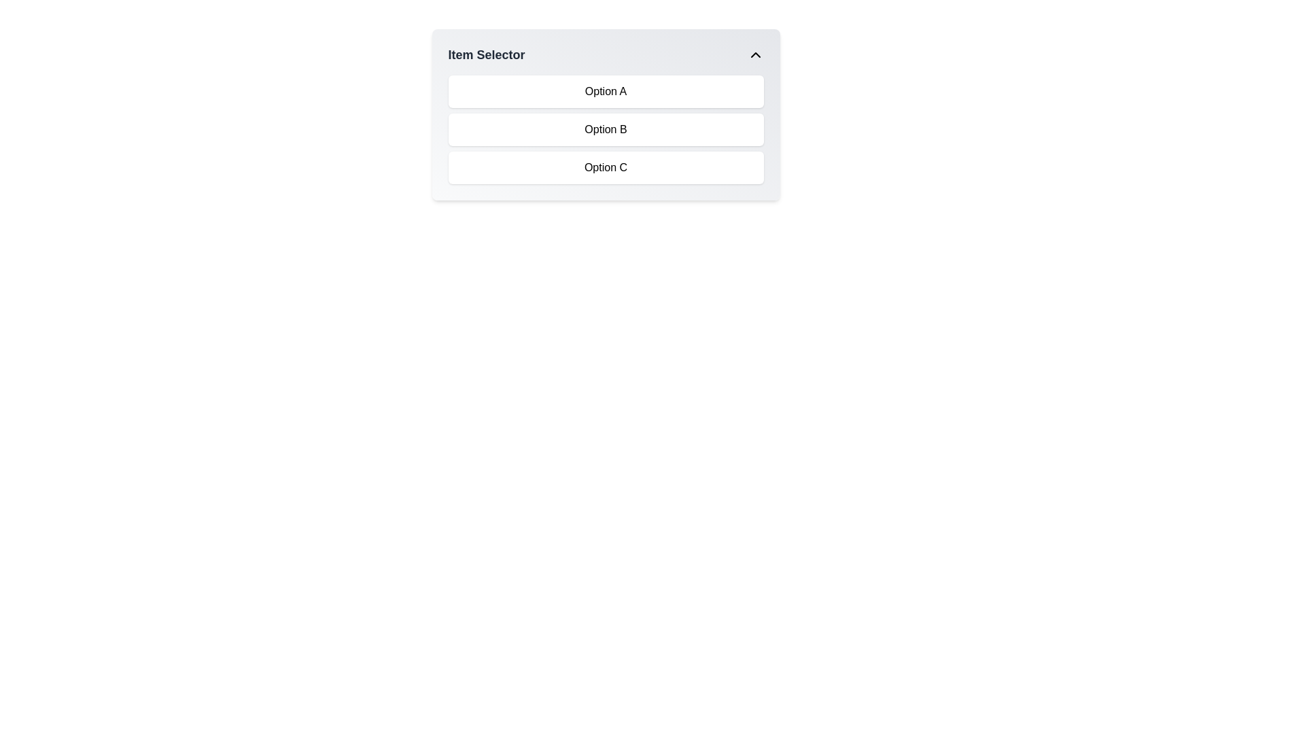 This screenshot has height=734, width=1305. I want to click on the 'Option C' button in the third row of the 'Item Selector' list, so click(605, 167).